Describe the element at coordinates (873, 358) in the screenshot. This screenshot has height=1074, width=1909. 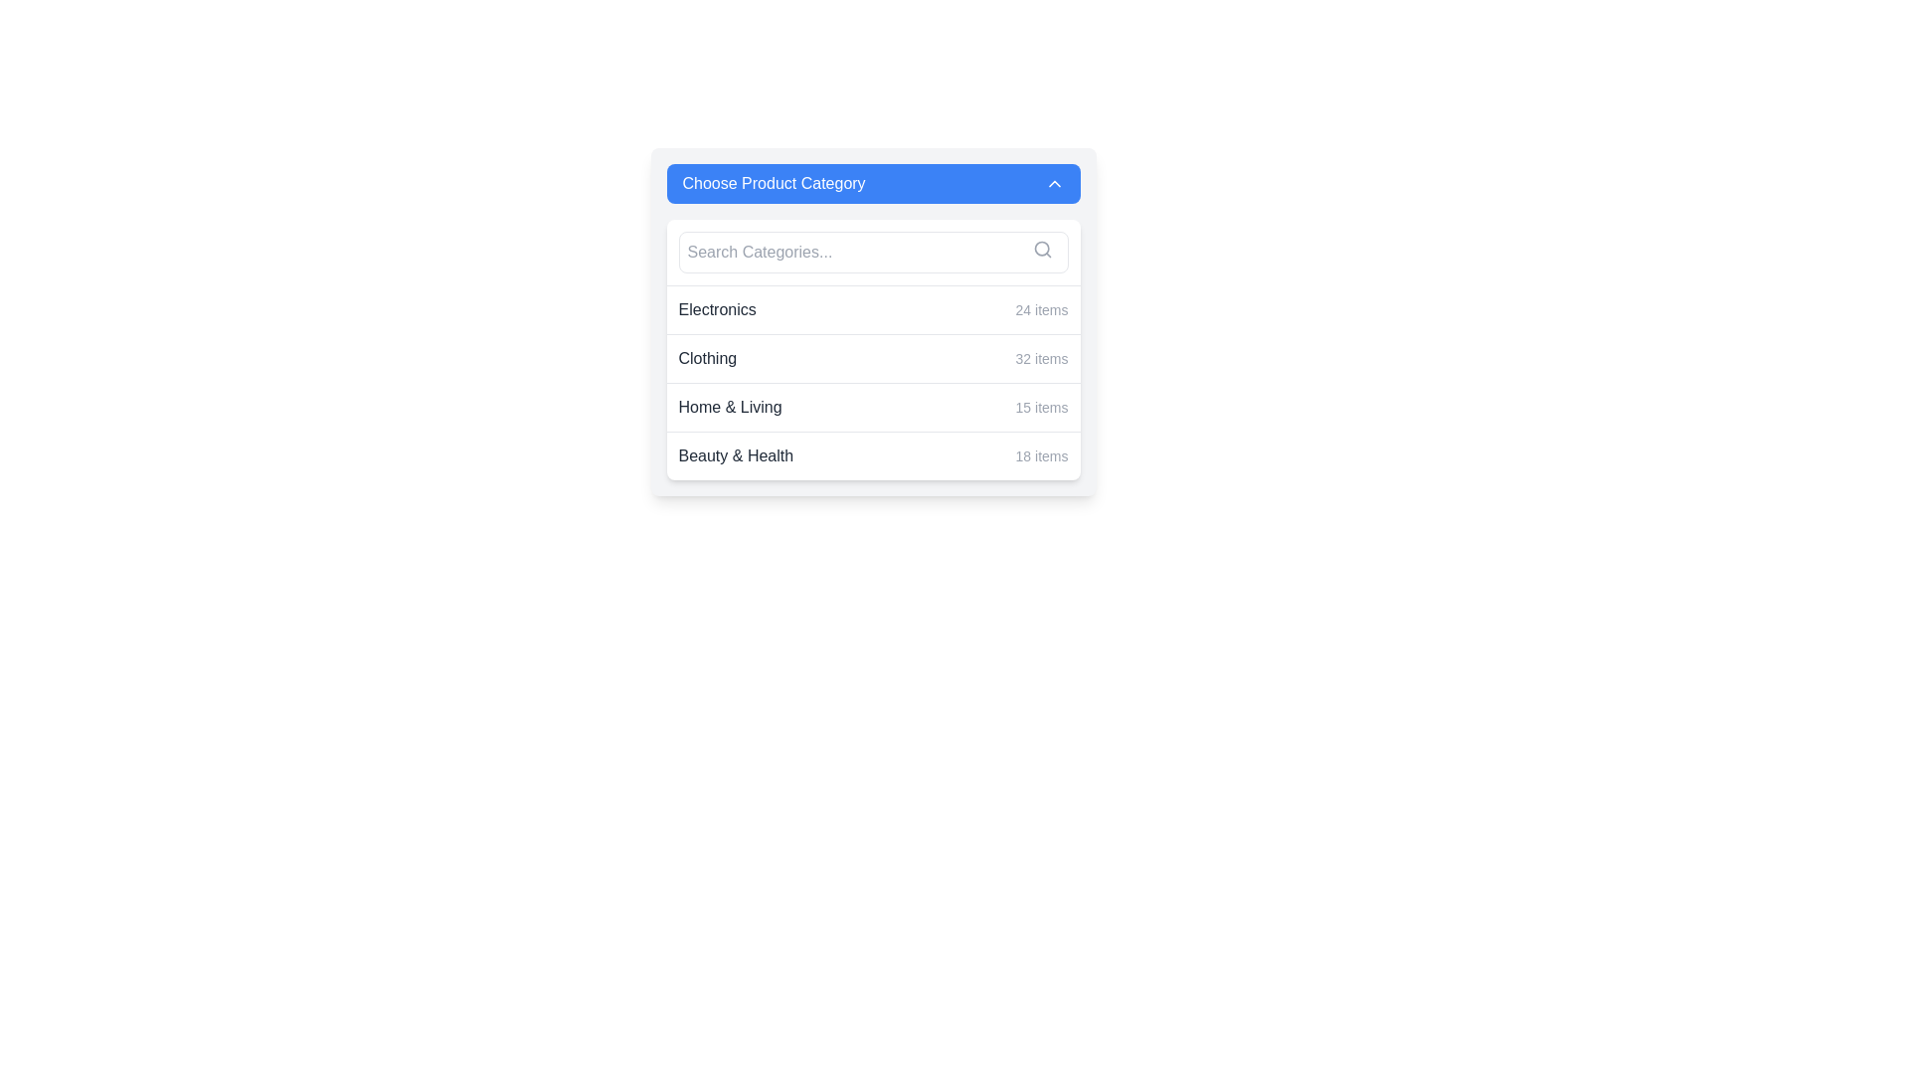
I see `the 'Clothing' list item in the dropdown menu` at that location.